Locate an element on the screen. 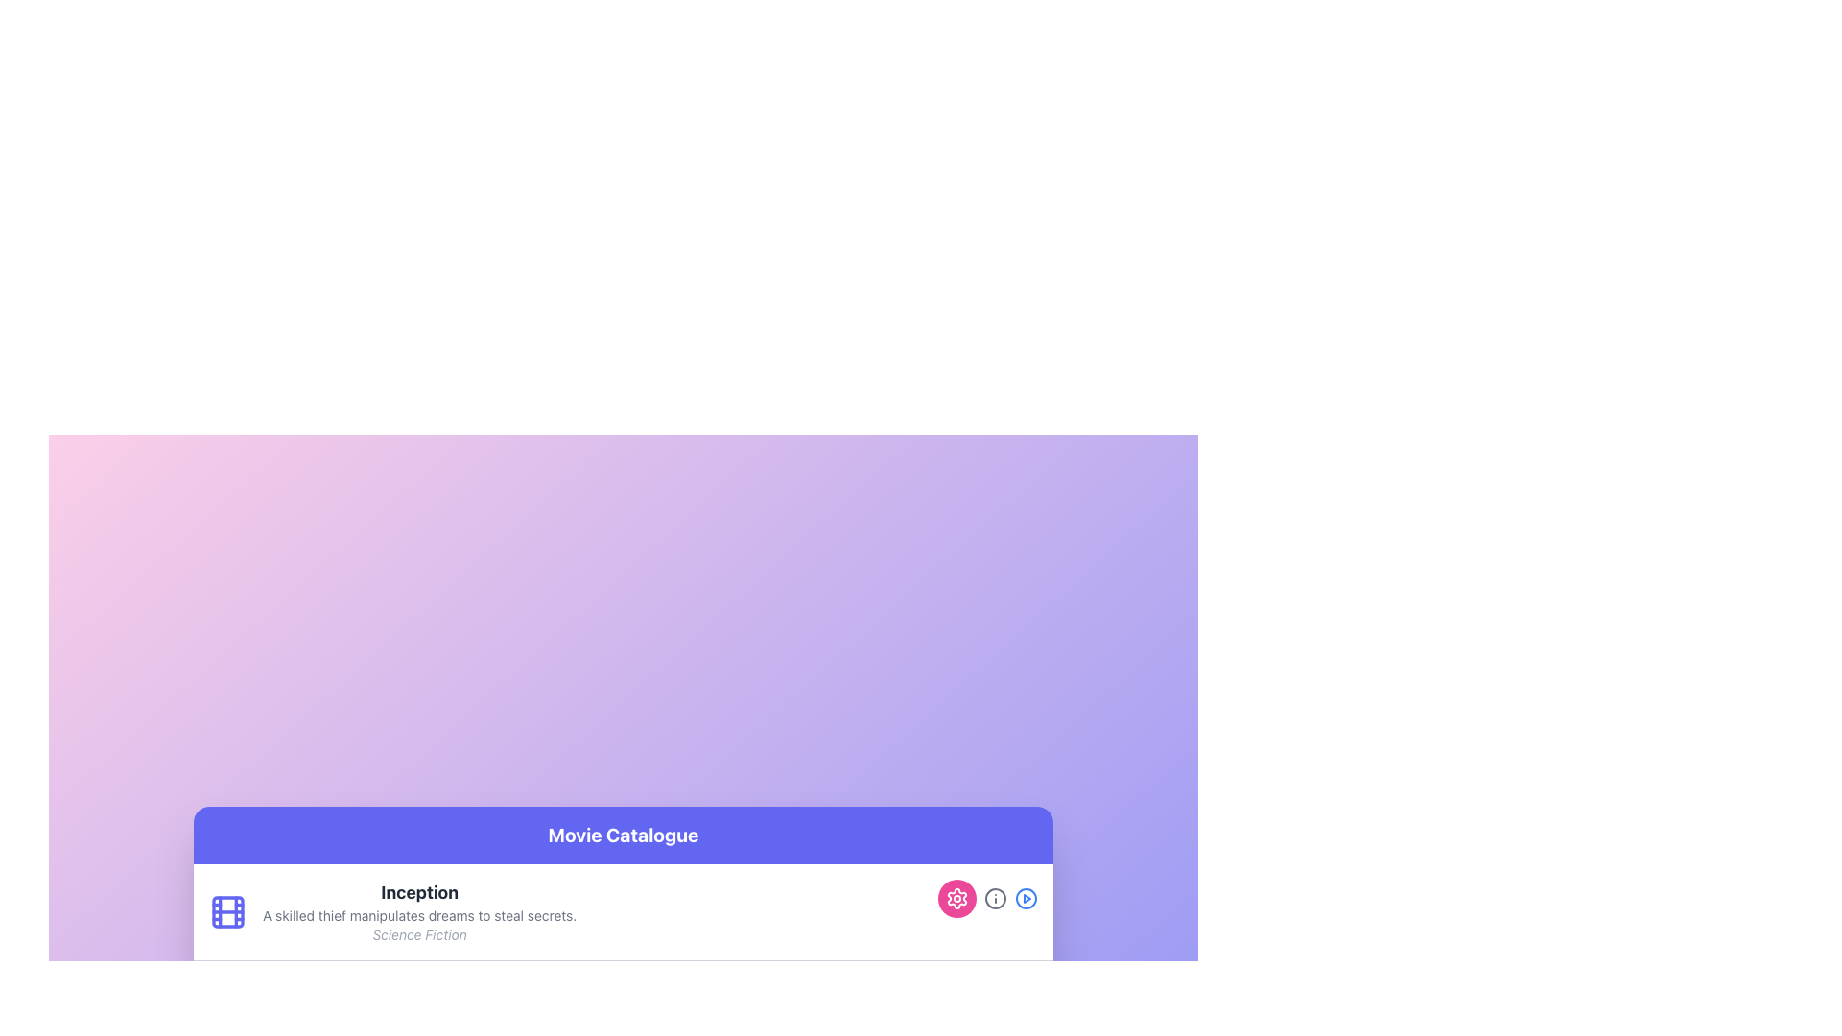 The image size is (1842, 1036). the decorative graphic component located within the film icon at the top-left corner of the 'Inception' movie description card is located at coordinates (228, 909).